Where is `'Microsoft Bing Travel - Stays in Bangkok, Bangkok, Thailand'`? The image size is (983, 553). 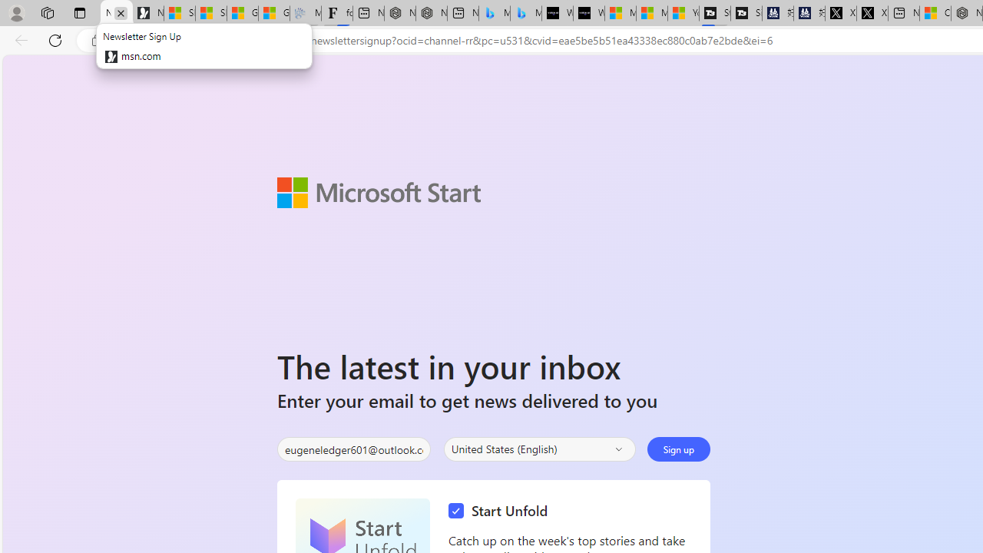
'Microsoft Bing Travel - Stays in Bangkok, Bangkok, Thailand' is located at coordinates (494, 13).